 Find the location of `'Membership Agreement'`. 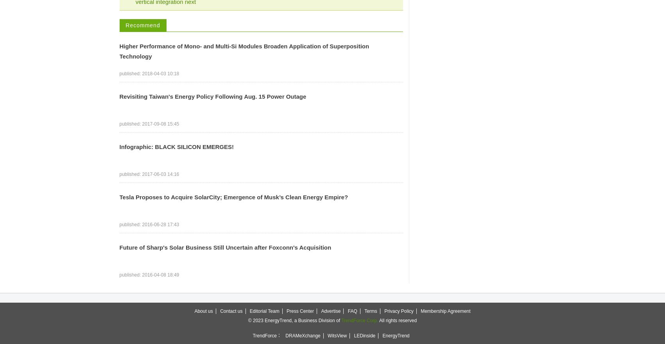

'Membership Agreement' is located at coordinates (421, 311).